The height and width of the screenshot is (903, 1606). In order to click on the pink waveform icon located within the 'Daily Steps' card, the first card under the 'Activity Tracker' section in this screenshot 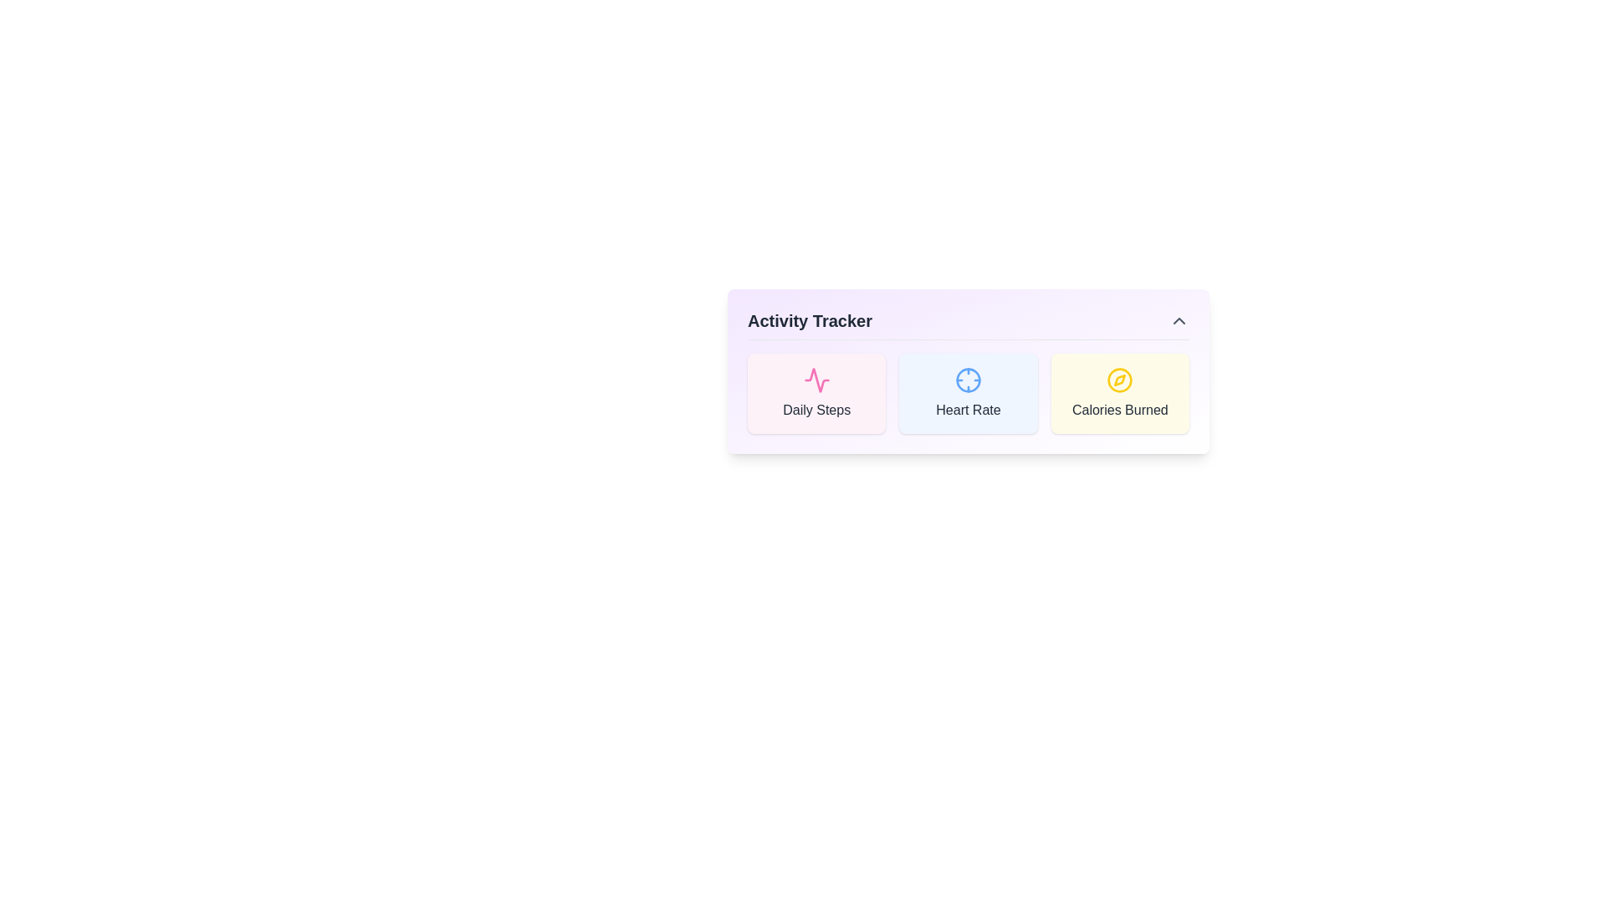, I will do `click(816, 380)`.